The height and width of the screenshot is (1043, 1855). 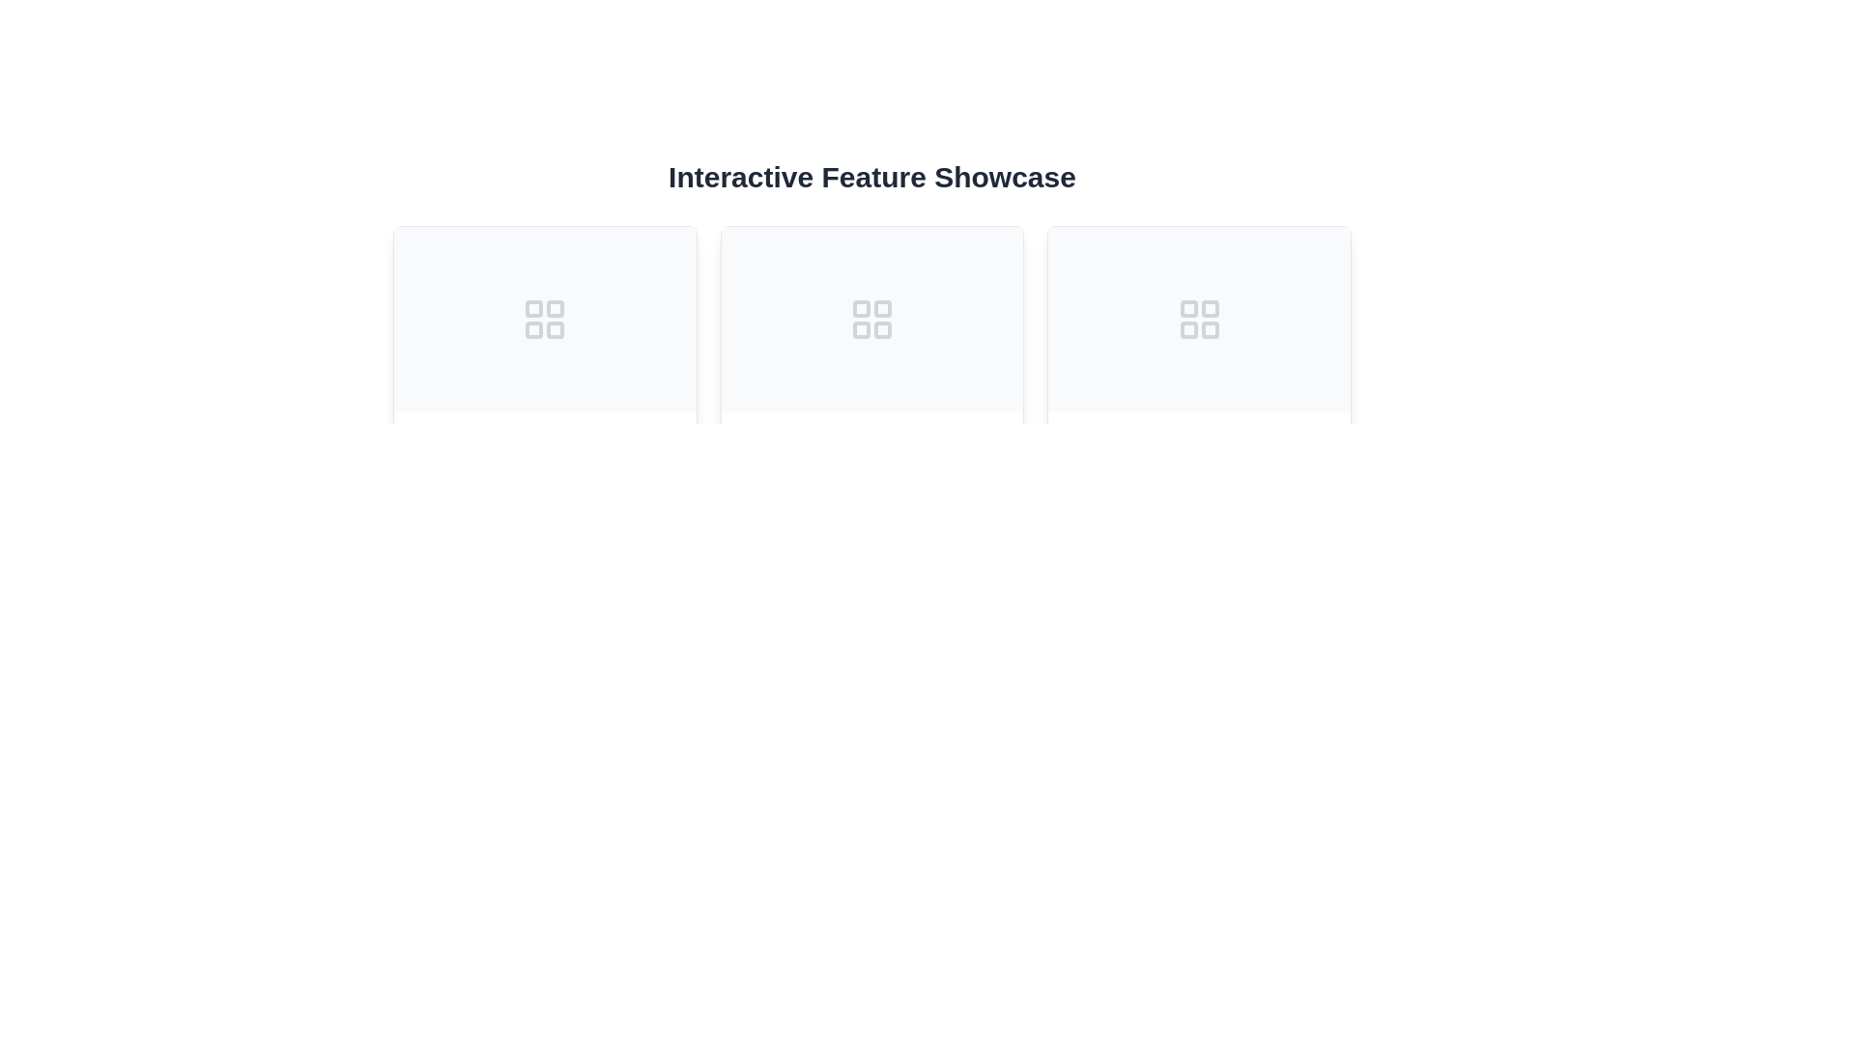 What do you see at coordinates (555, 308) in the screenshot?
I see `the small square with rounded corners located in the top-right position of the 2x2 grid layout under the label 'Interactive Feature Showcase'` at bounding box center [555, 308].